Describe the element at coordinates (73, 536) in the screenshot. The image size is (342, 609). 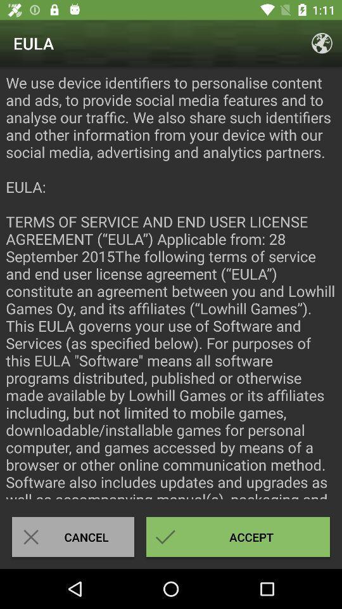
I see `the icon at the bottom left corner` at that location.